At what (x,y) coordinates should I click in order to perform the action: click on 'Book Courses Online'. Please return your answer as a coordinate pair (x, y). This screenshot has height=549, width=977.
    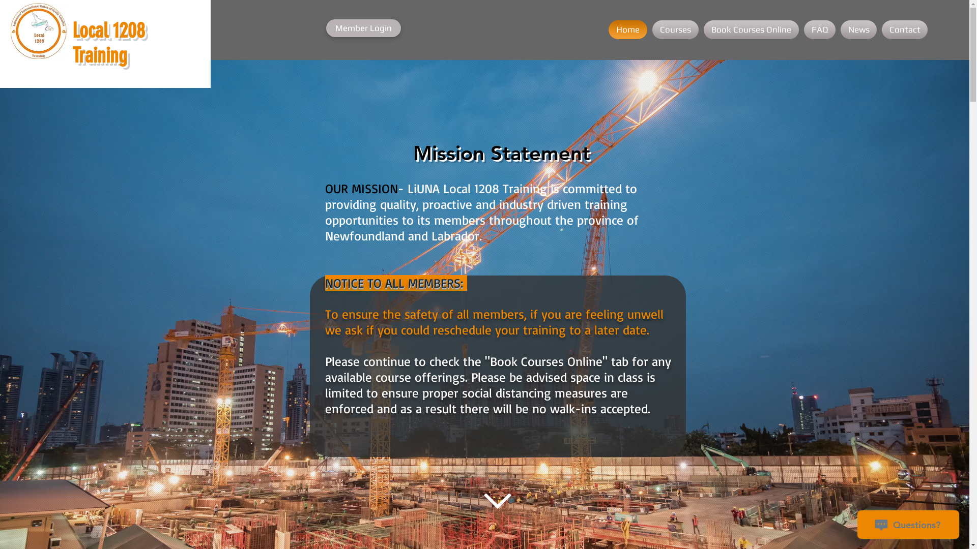
    Looking at the image, I should click on (700, 29).